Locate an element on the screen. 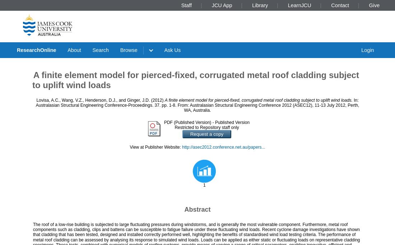 This screenshot has height=245, width=395. 'LearnJCU' is located at coordinates (299, 5).